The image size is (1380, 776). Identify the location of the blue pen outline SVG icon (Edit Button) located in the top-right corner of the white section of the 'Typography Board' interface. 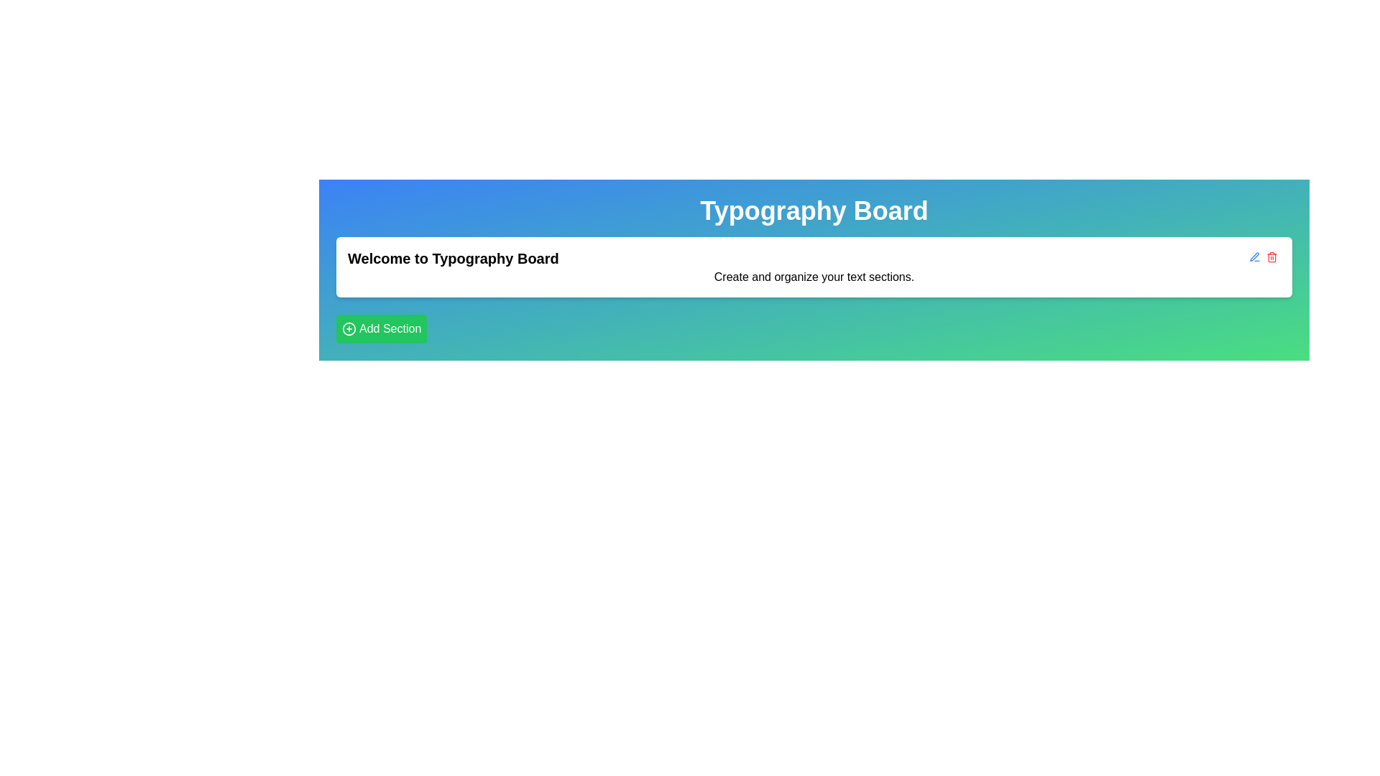
(1254, 257).